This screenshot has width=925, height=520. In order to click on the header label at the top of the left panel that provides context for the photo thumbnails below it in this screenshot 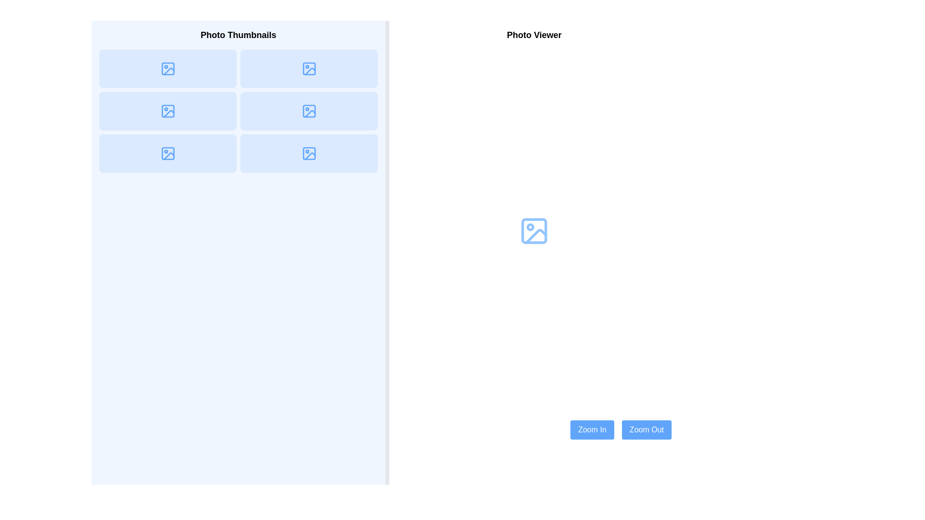, I will do `click(238, 35)`.